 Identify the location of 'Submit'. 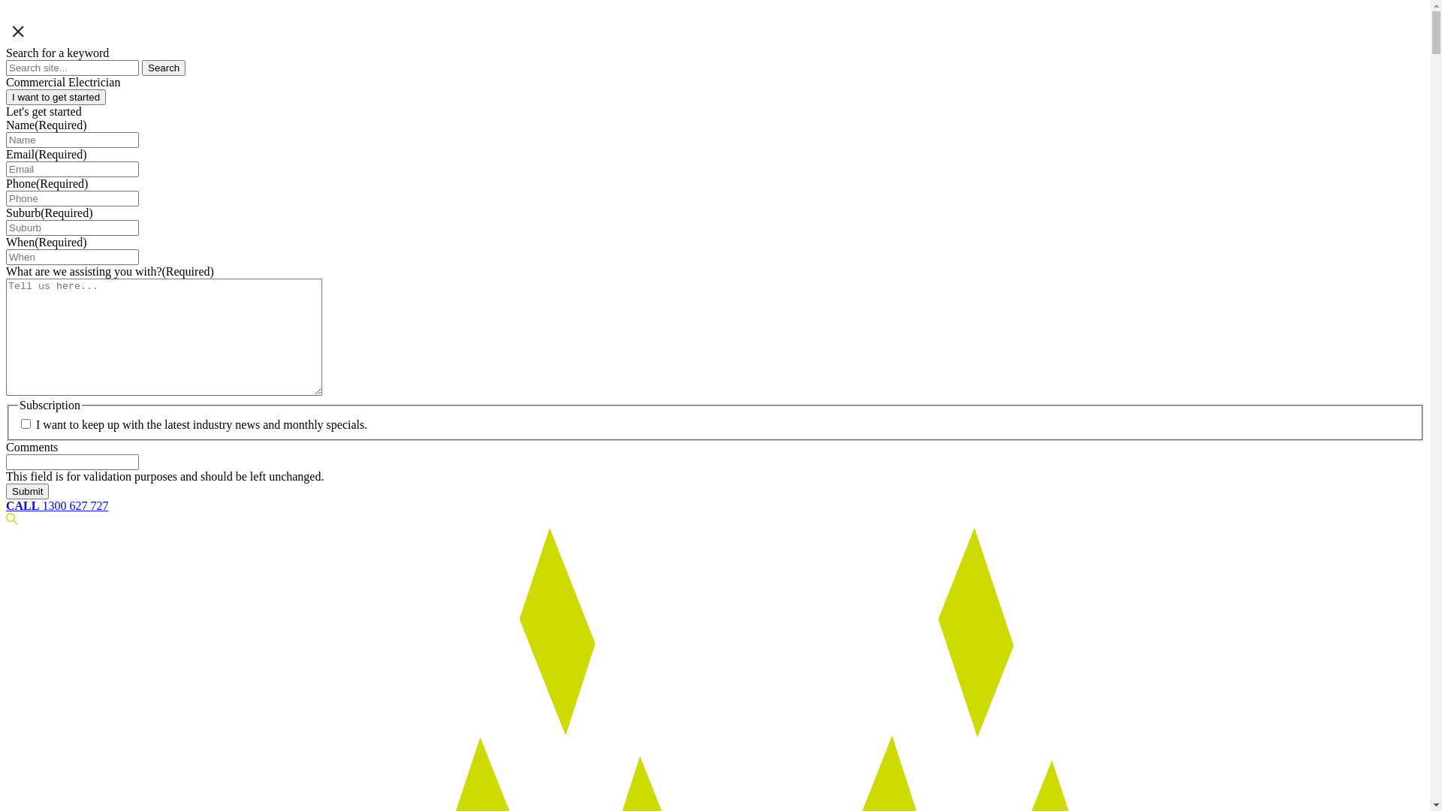
(27, 491).